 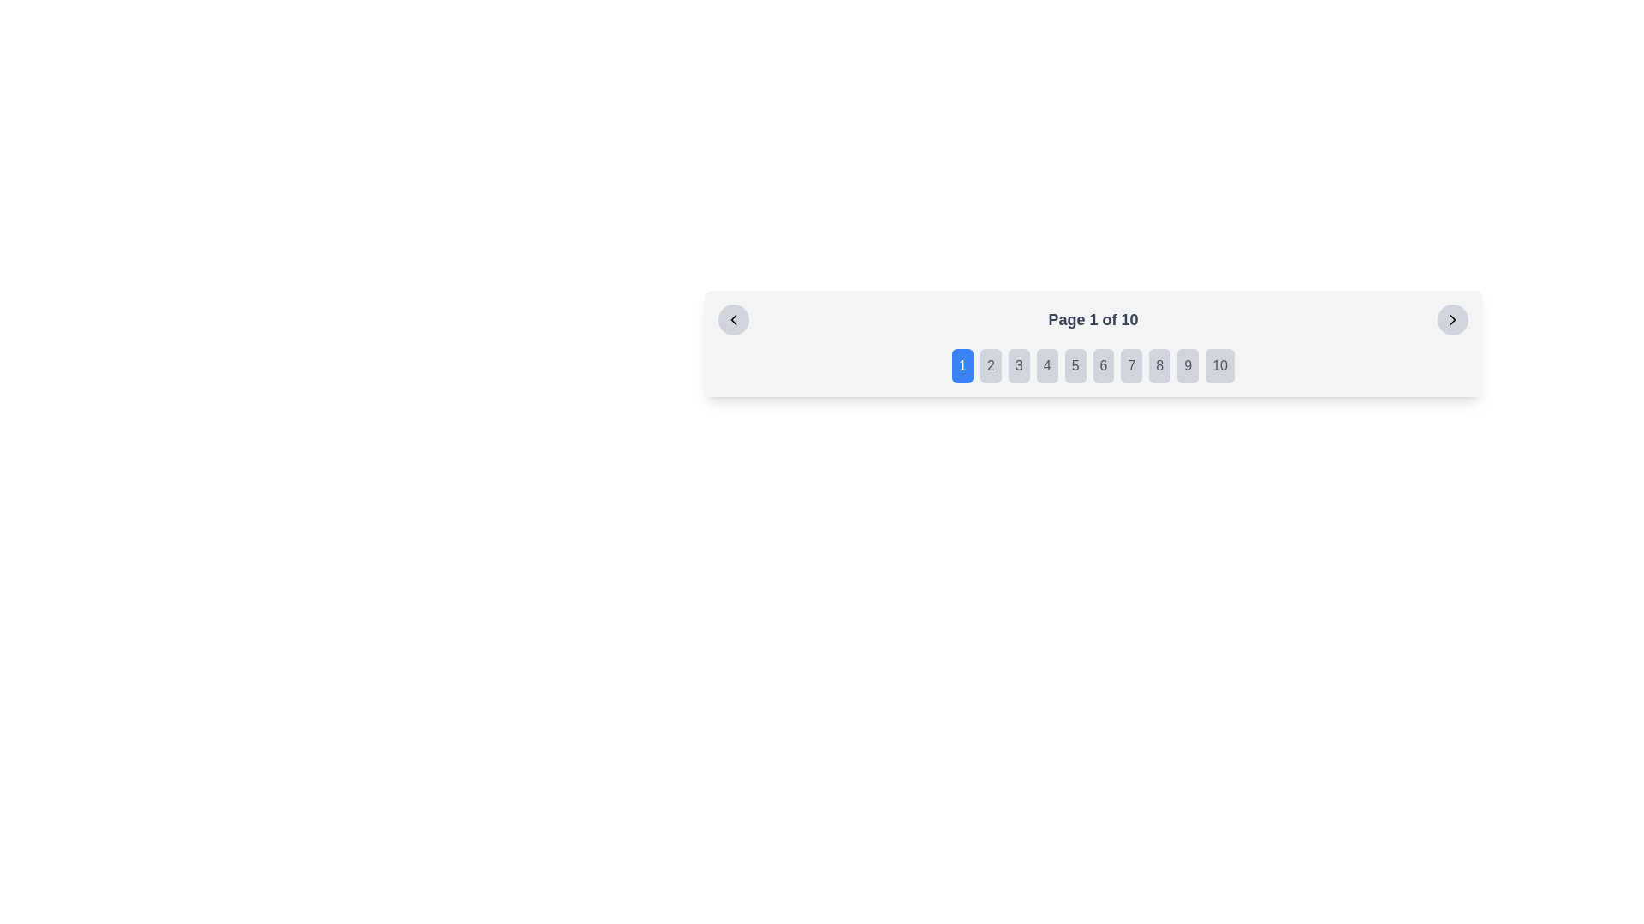 What do you see at coordinates (1451, 320) in the screenshot?
I see `the circular button with a light gray background and a black arrow icon pointing to the right` at bounding box center [1451, 320].